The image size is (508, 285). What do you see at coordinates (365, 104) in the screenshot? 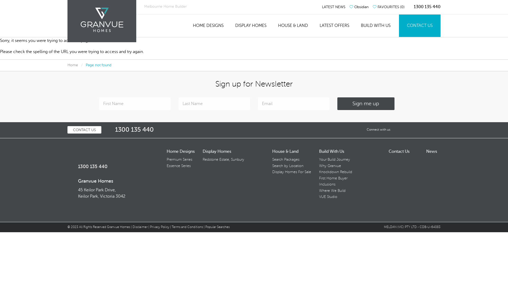
I see `'Sign me up'` at bounding box center [365, 104].